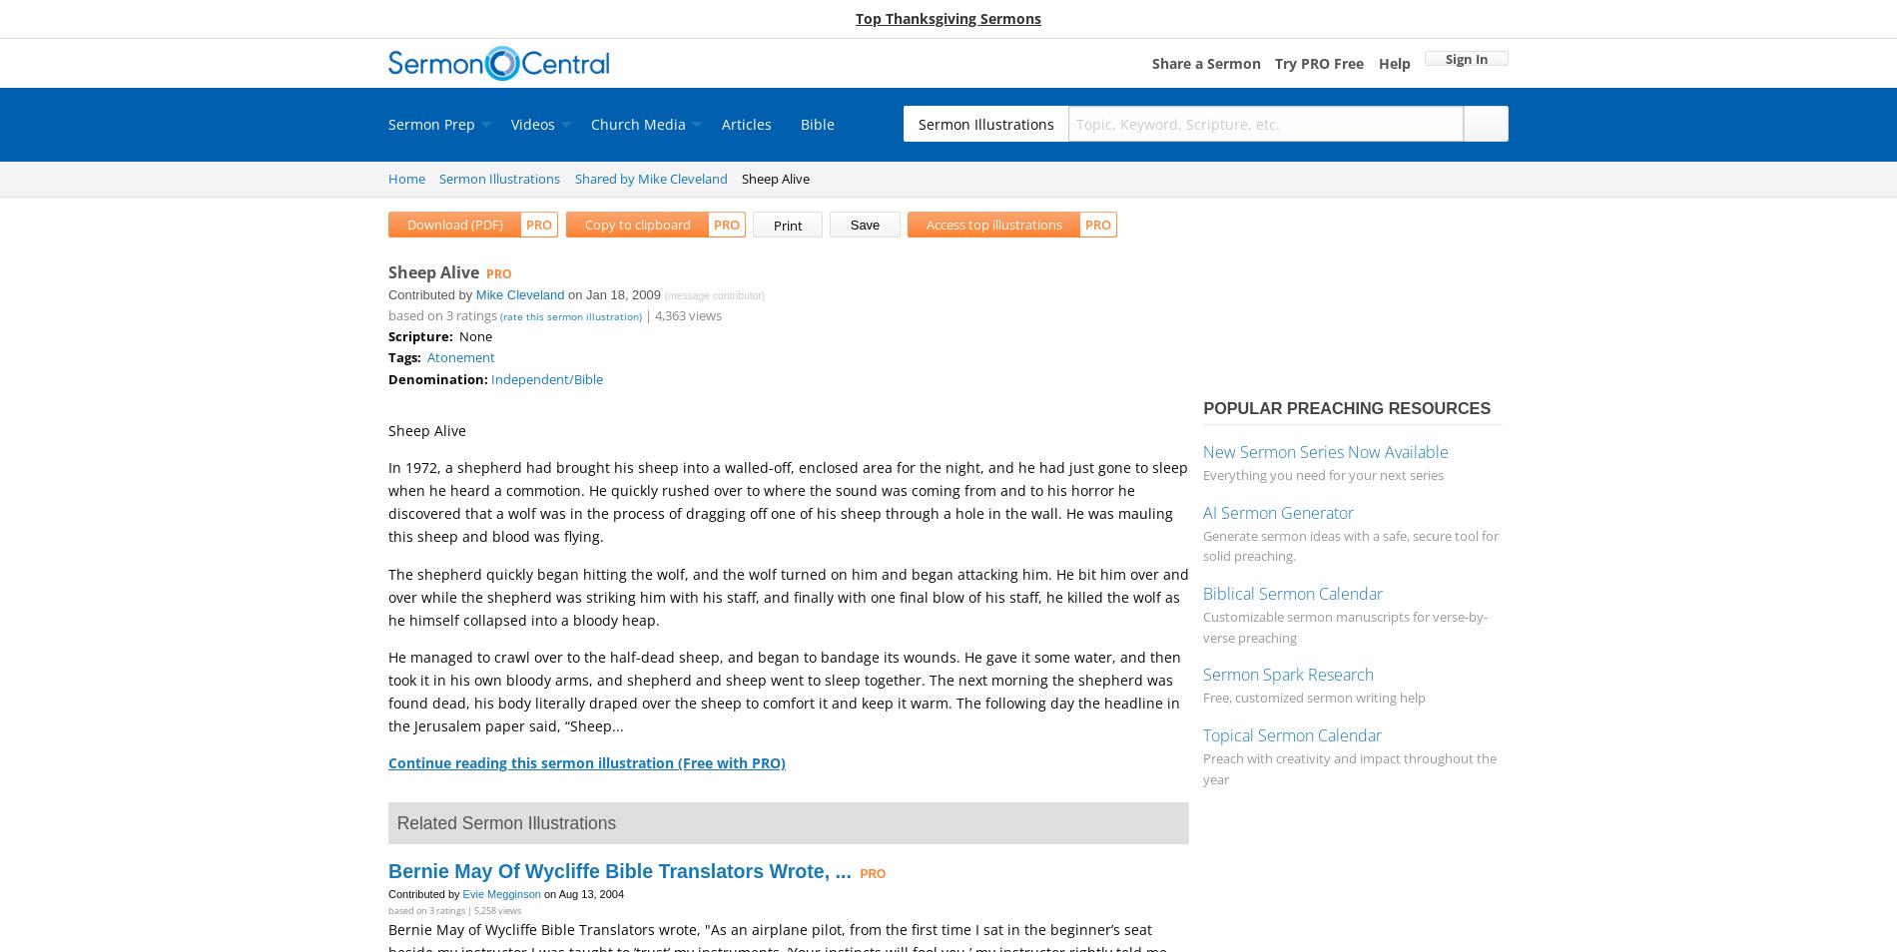 The image size is (1897, 952). I want to click on 'Atonement', so click(460, 356).